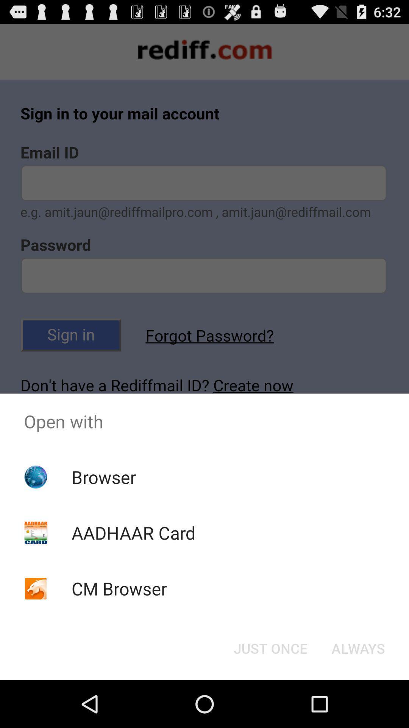  What do you see at coordinates (358, 648) in the screenshot?
I see `the icon below open with item` at bounding box center [358, 648].